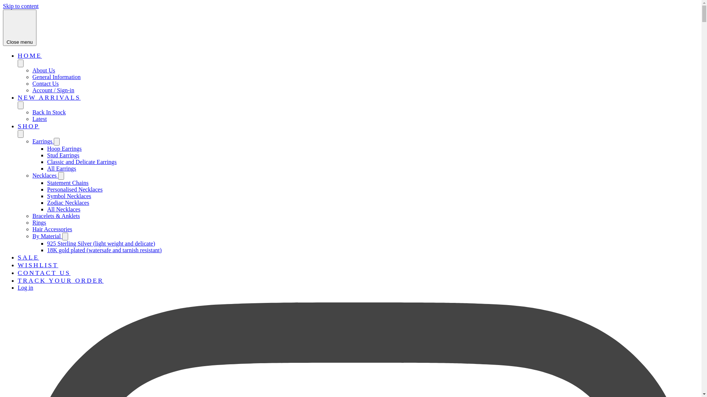 The height and width of the screenshot is (397, 707). What do you see at coordinates (18, 287) in the screenshot?
I see `'Log in'` at bounding box center [18, 287].